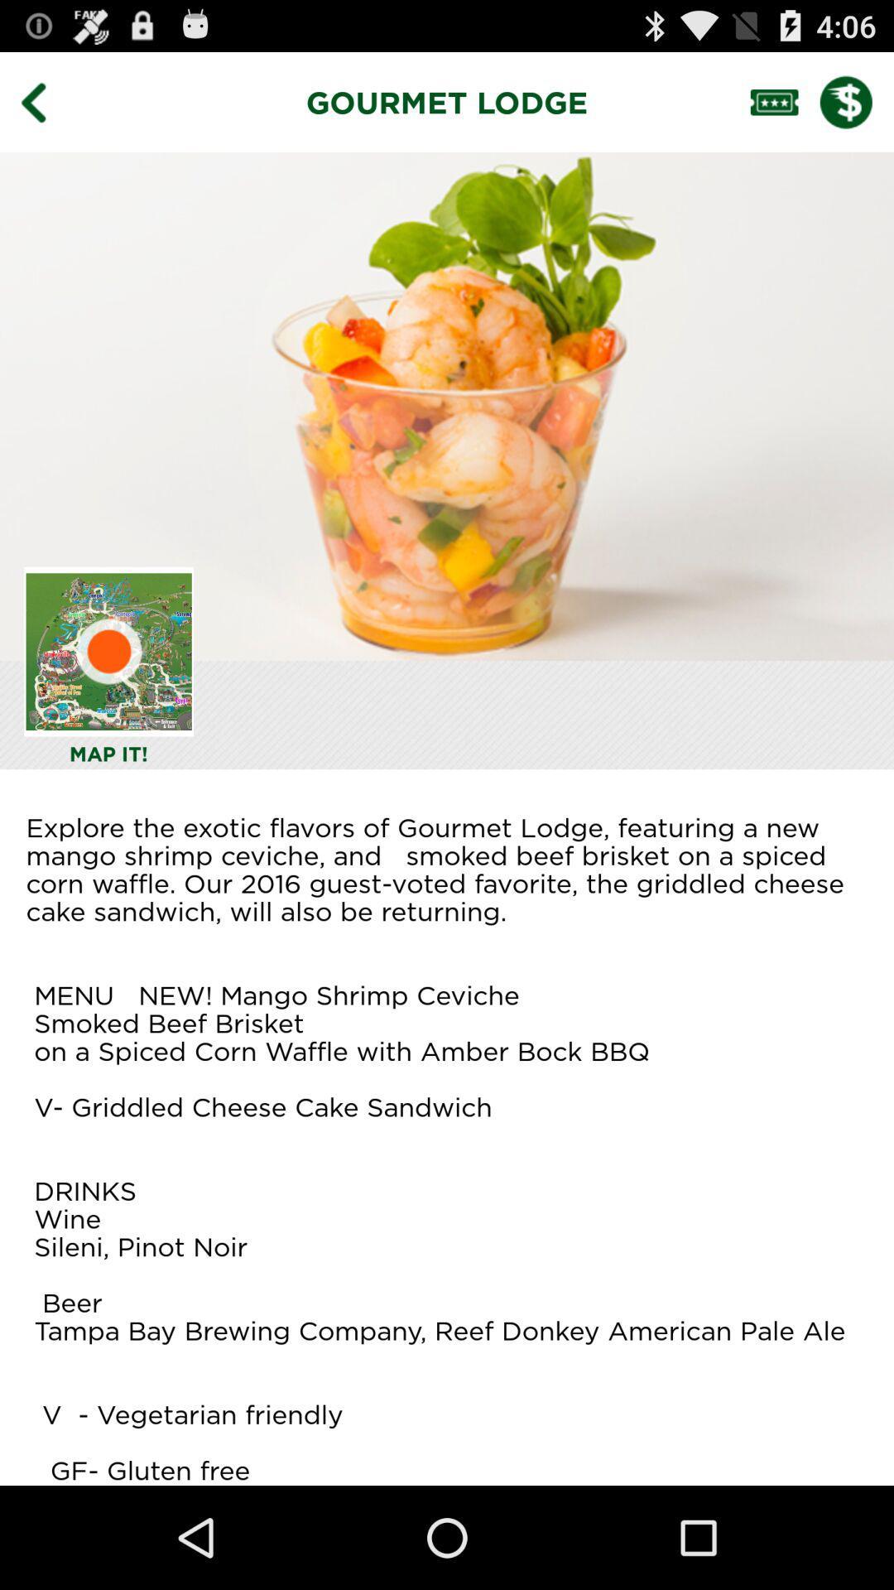  I want to click on go back, so click(45, 101).